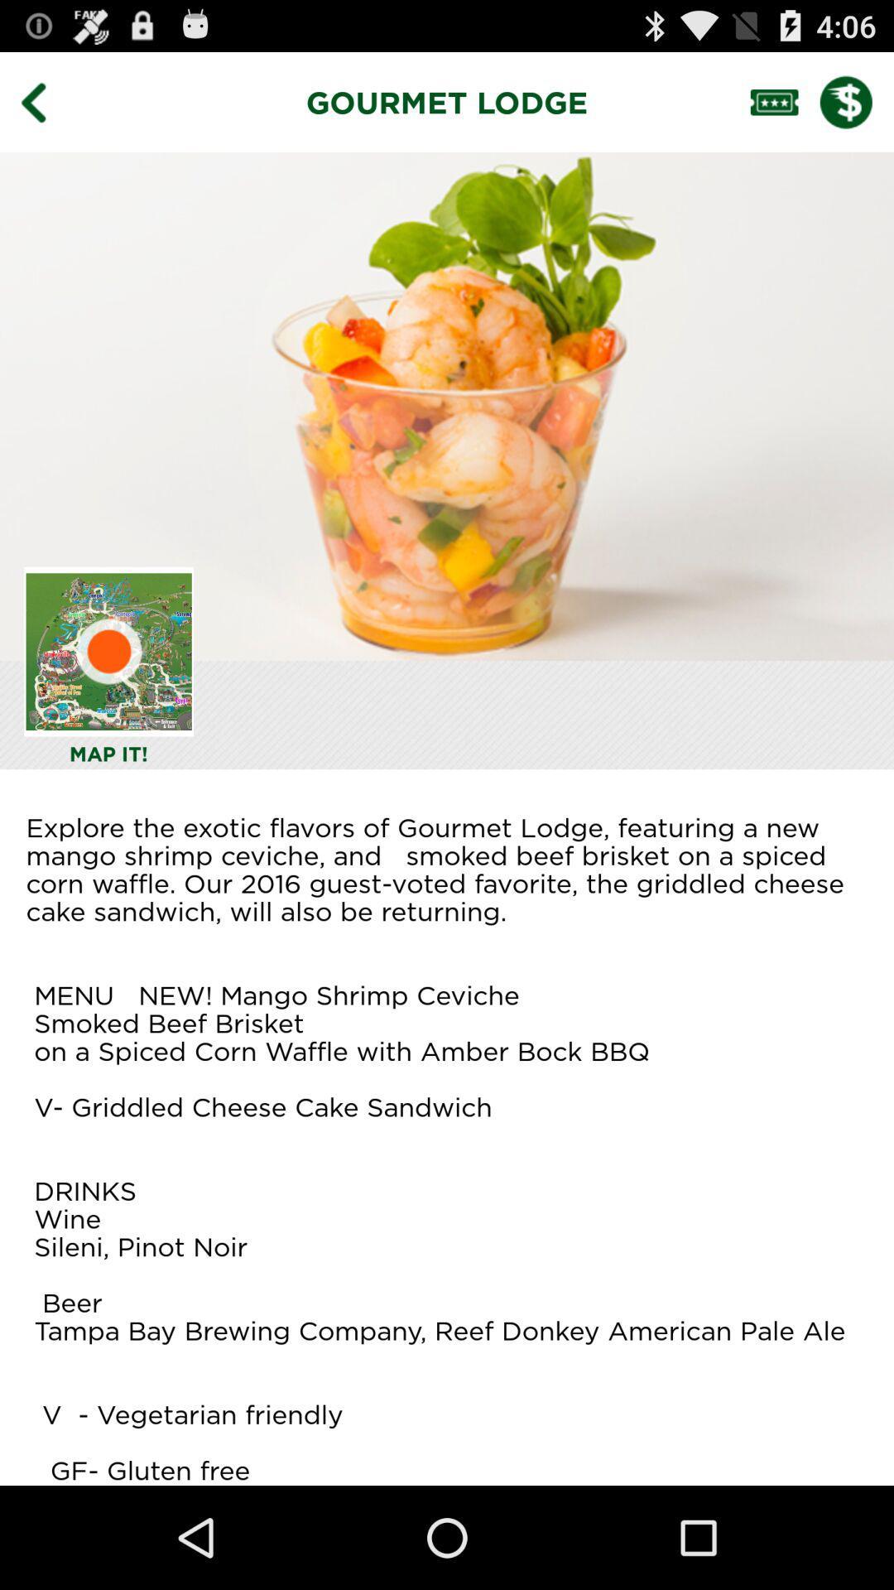  I want to click on go back, so click(45, 101).